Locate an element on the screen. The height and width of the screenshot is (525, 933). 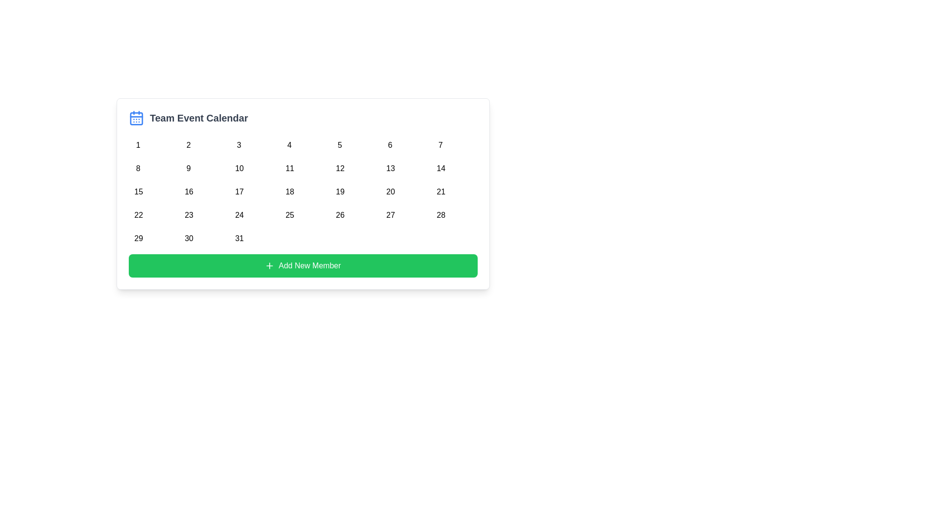
the square-shaped button labeled '20' in the calendar grid is located at coordinates (390, 190).